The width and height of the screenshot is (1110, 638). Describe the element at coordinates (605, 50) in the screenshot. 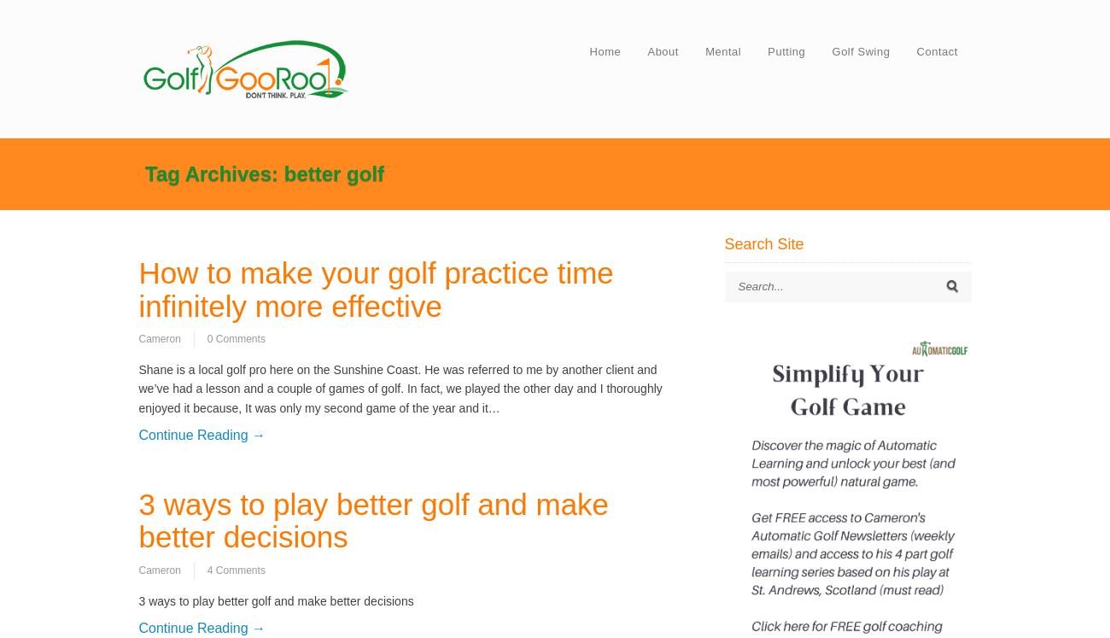

I see `'Home'` at that location.